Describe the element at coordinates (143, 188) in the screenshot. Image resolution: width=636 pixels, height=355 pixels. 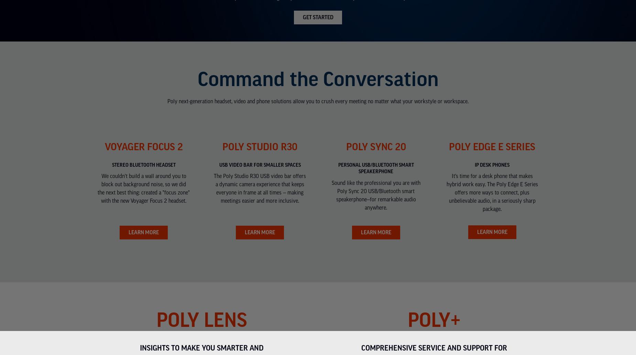
I see `'We couldn't build a wall around you to block out background noise, so we did the next best thing: created a "focus zone" with the new Voyager Focus 2 headset.'` at that location.